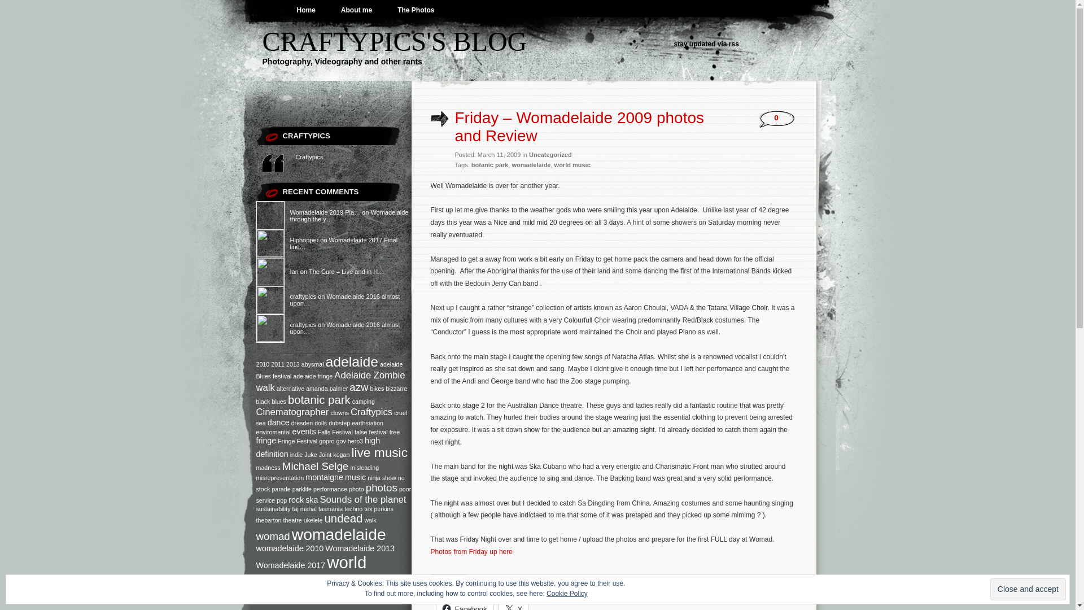 The height and width of the screenshot is (610, 1084). What do you see at coordinates (489, 165) in the screenshot?
I see `'botanic park'` at bounding box center [489, 165].